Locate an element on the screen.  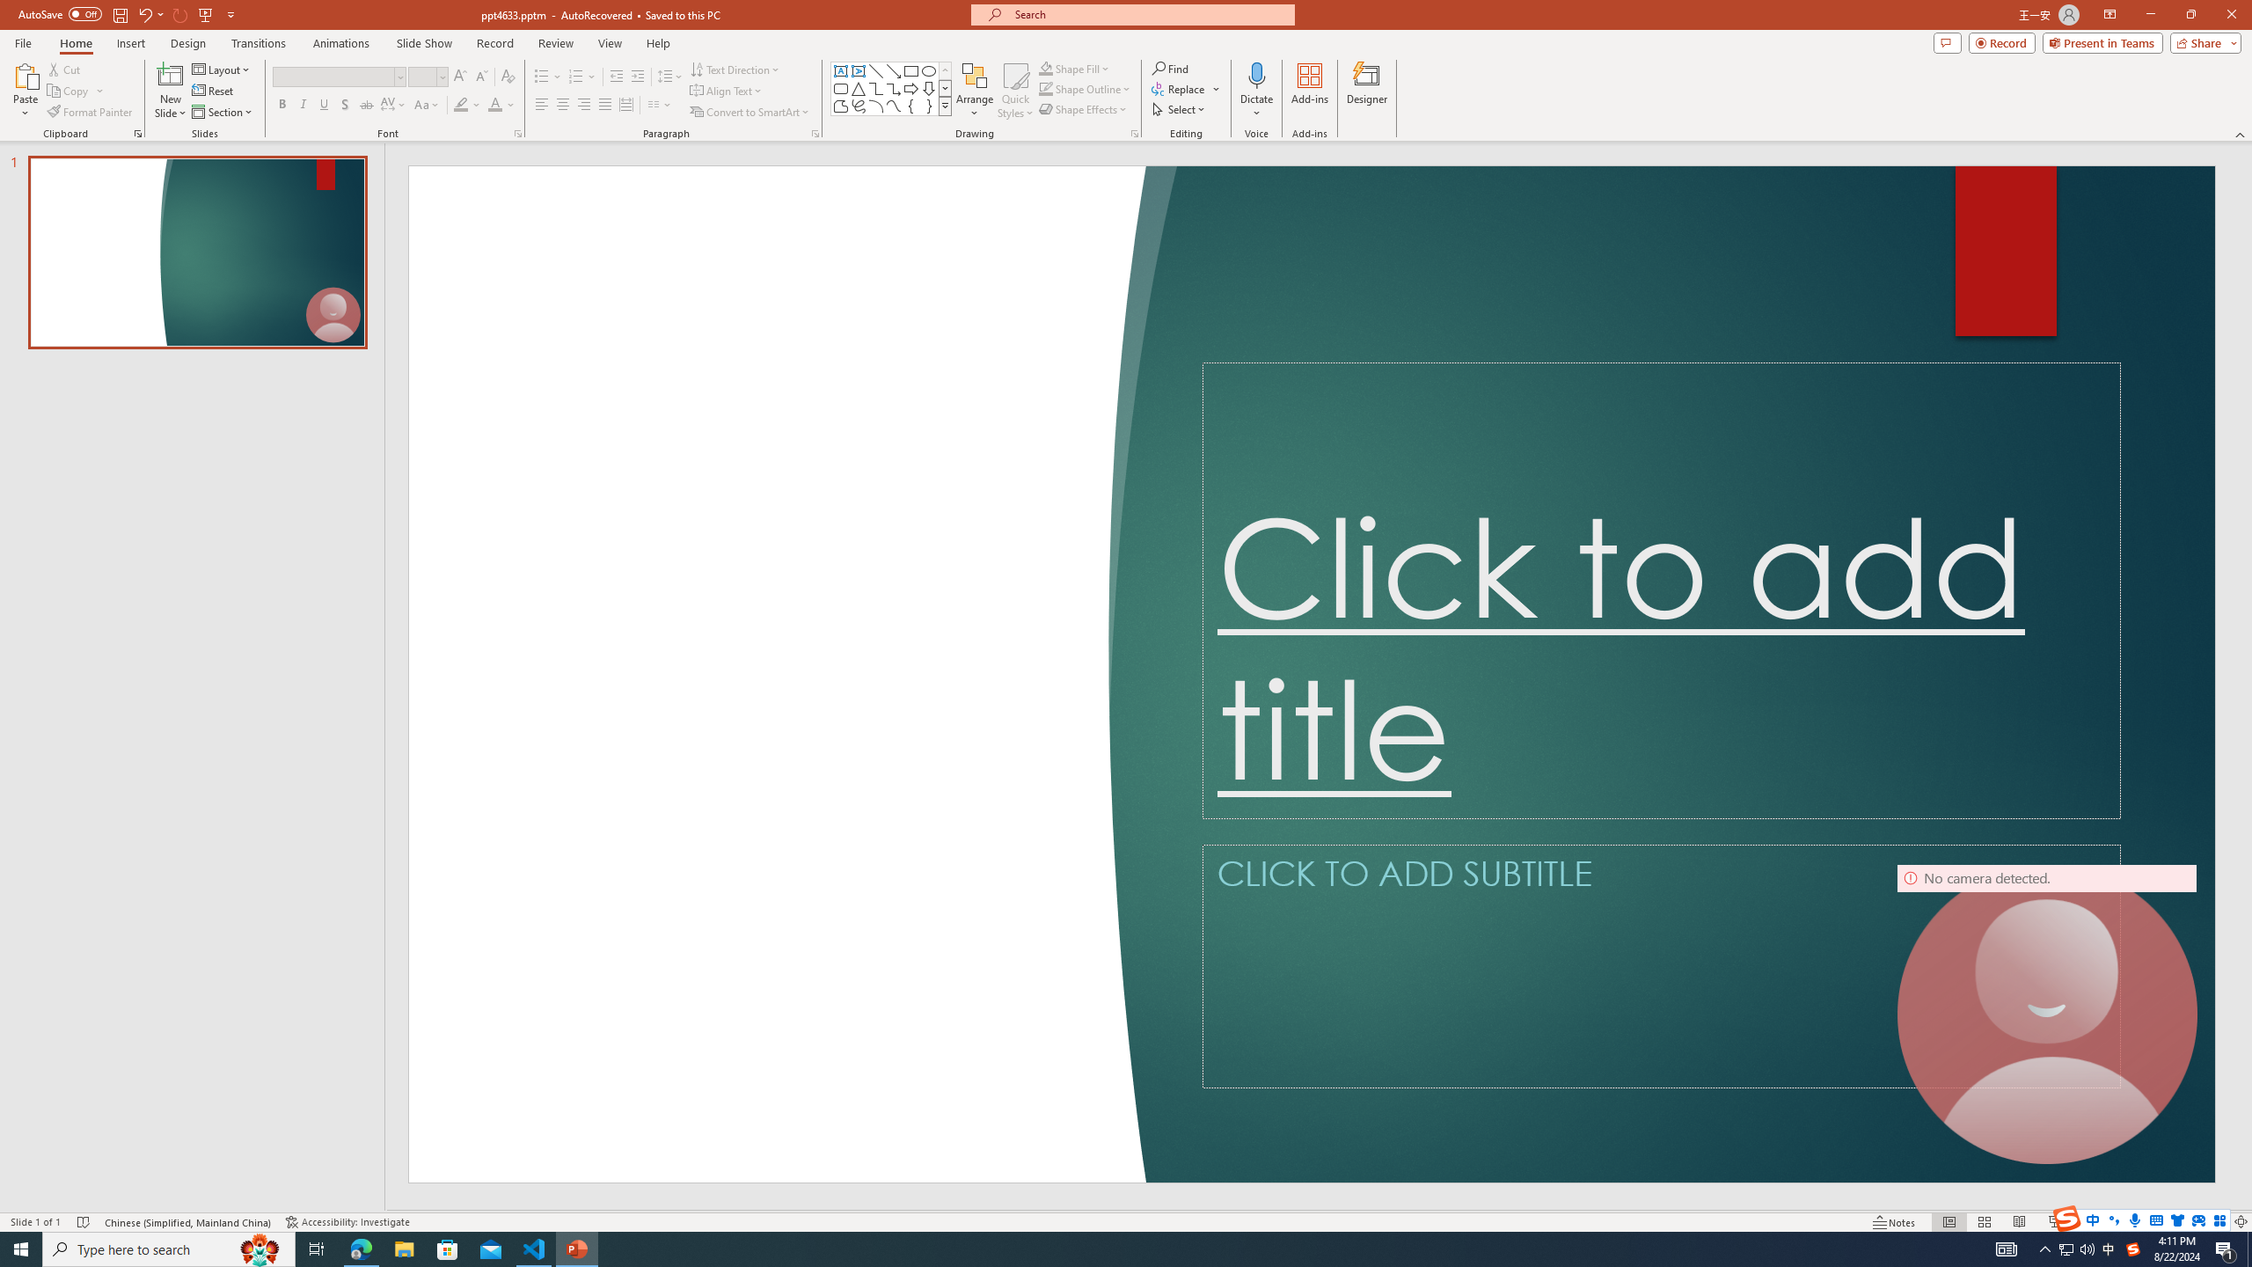
'Find...' is located at coordinates (1170, 68).